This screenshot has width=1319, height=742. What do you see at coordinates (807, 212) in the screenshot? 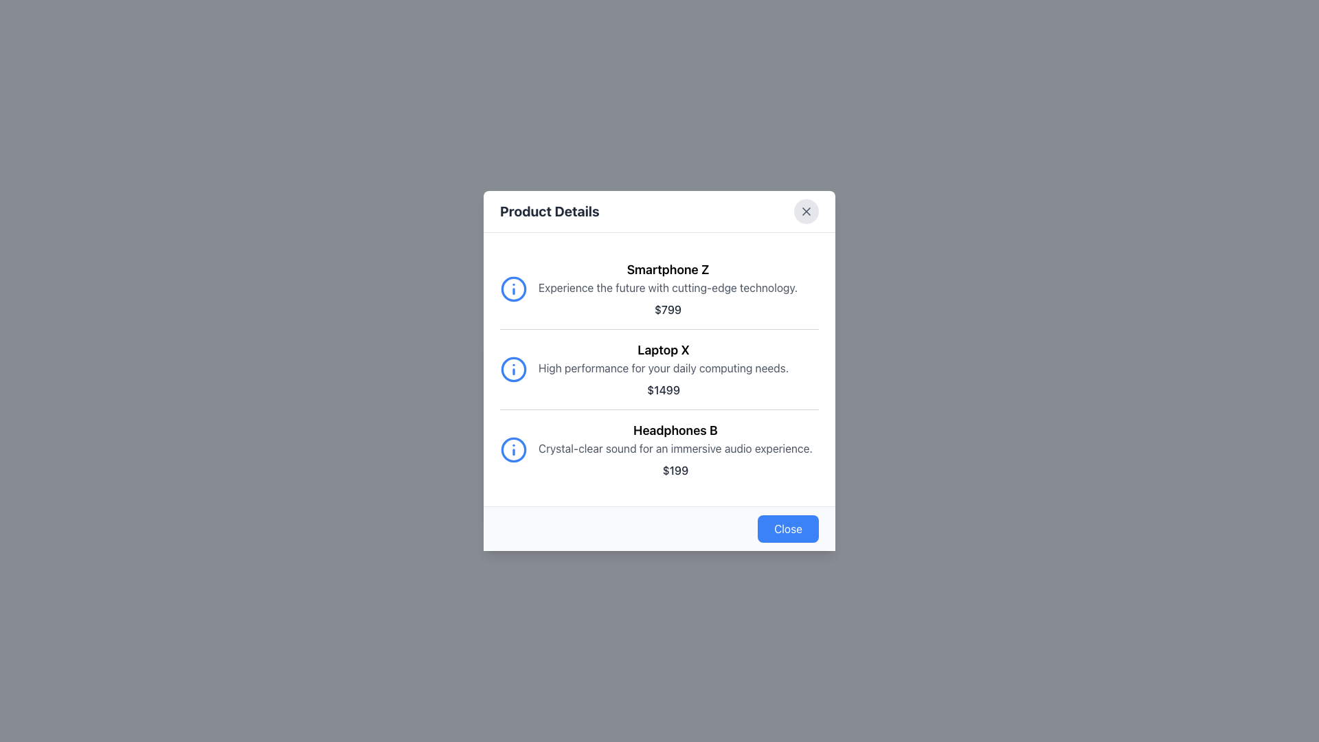
I see `the close button located at the top-right corner of the 'Product Details' header bar` at bounding box center [807, 212].